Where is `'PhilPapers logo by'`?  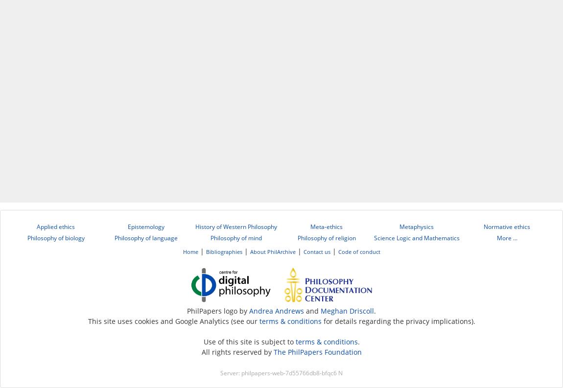
'PhilPapers logo by' is located at coordinates (218, 310).